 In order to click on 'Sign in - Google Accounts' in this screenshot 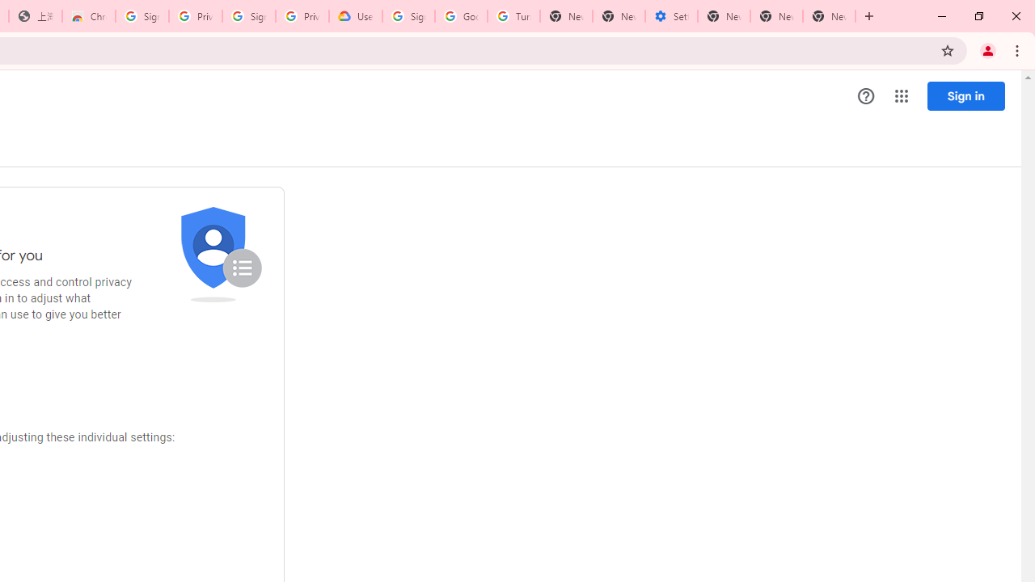, I will do `click(142, 16)`.